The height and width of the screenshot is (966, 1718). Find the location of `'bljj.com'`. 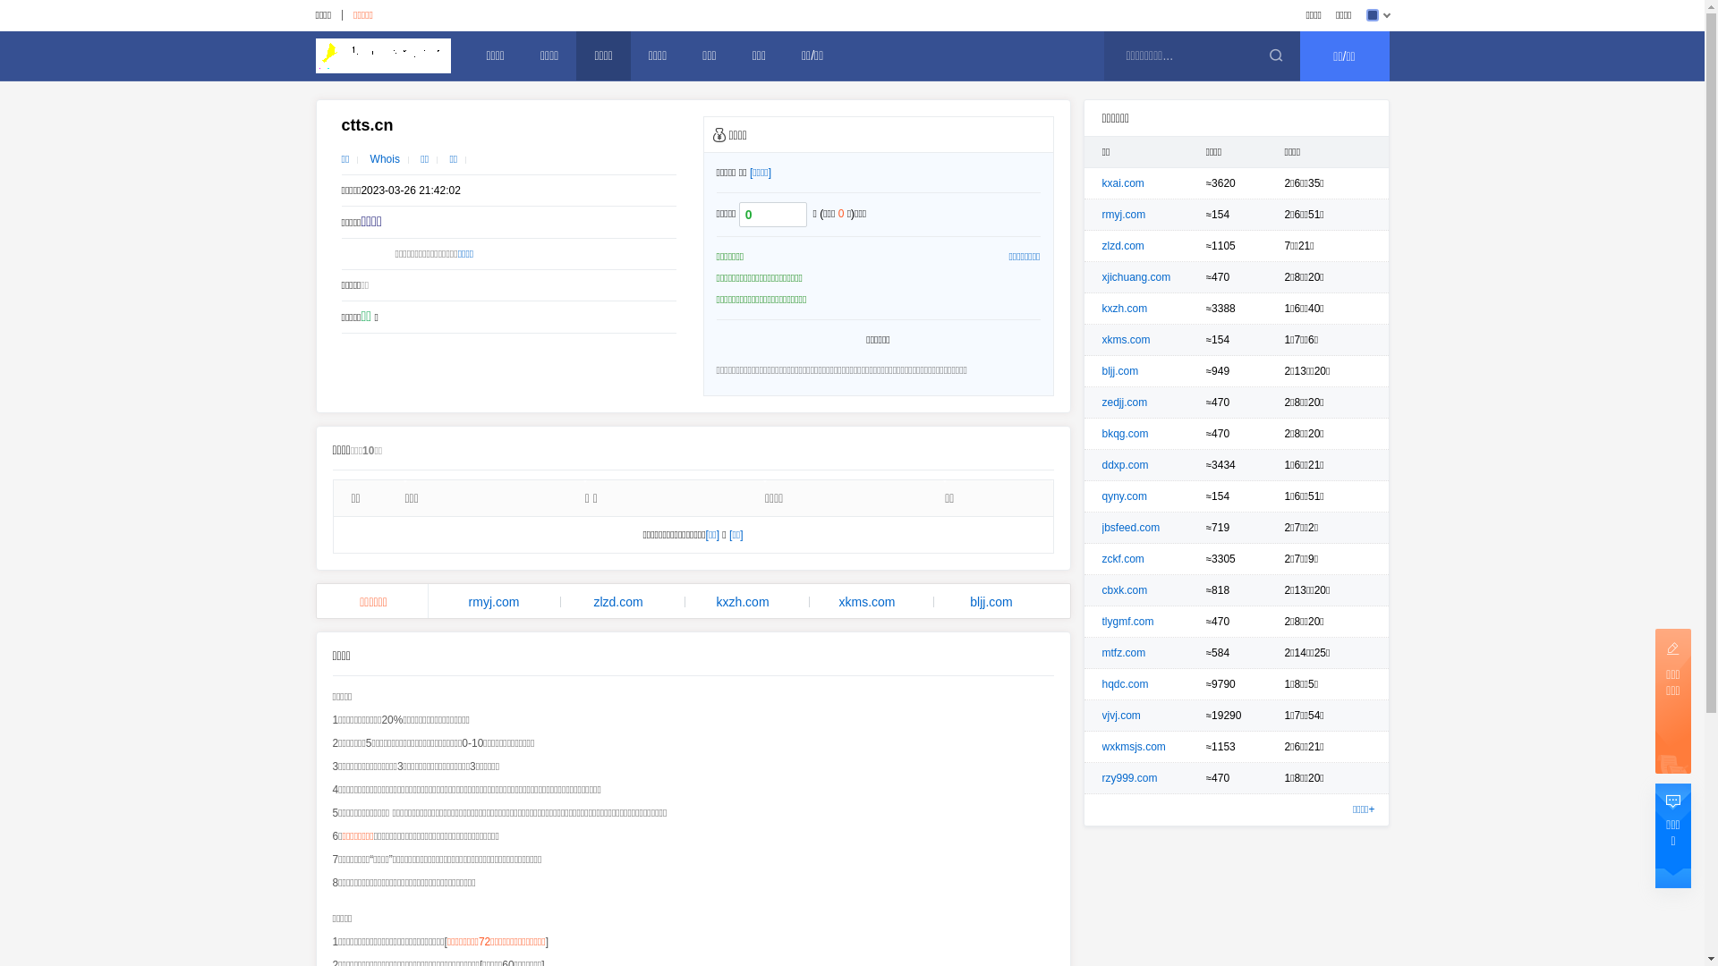

'bljj.com' is located at coordinates (1119, 370).